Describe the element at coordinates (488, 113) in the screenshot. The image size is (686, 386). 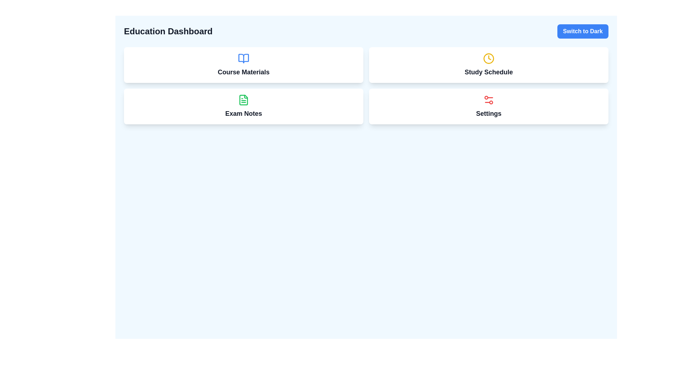
I see `the bold 'Settings' text label, which is prominently displayed in a large font at the bottom-right section of a rounded card` at that location.